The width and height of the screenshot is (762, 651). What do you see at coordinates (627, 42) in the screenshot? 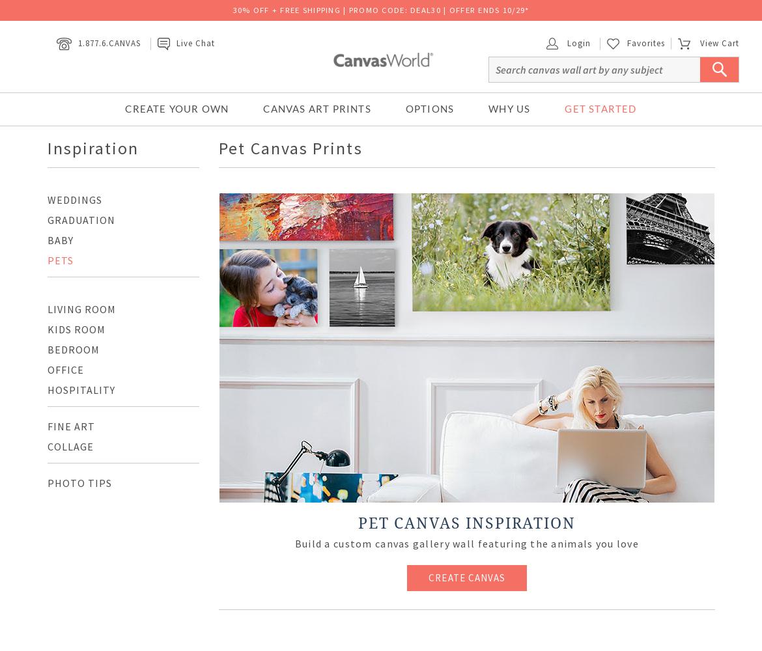
I see `'Favorites'` at bounding box center [627, 42].